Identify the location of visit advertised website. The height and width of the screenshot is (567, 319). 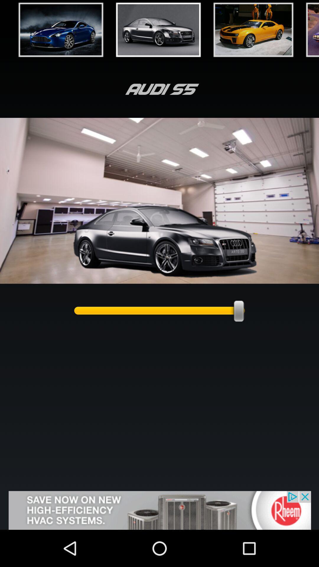
(159, 510).